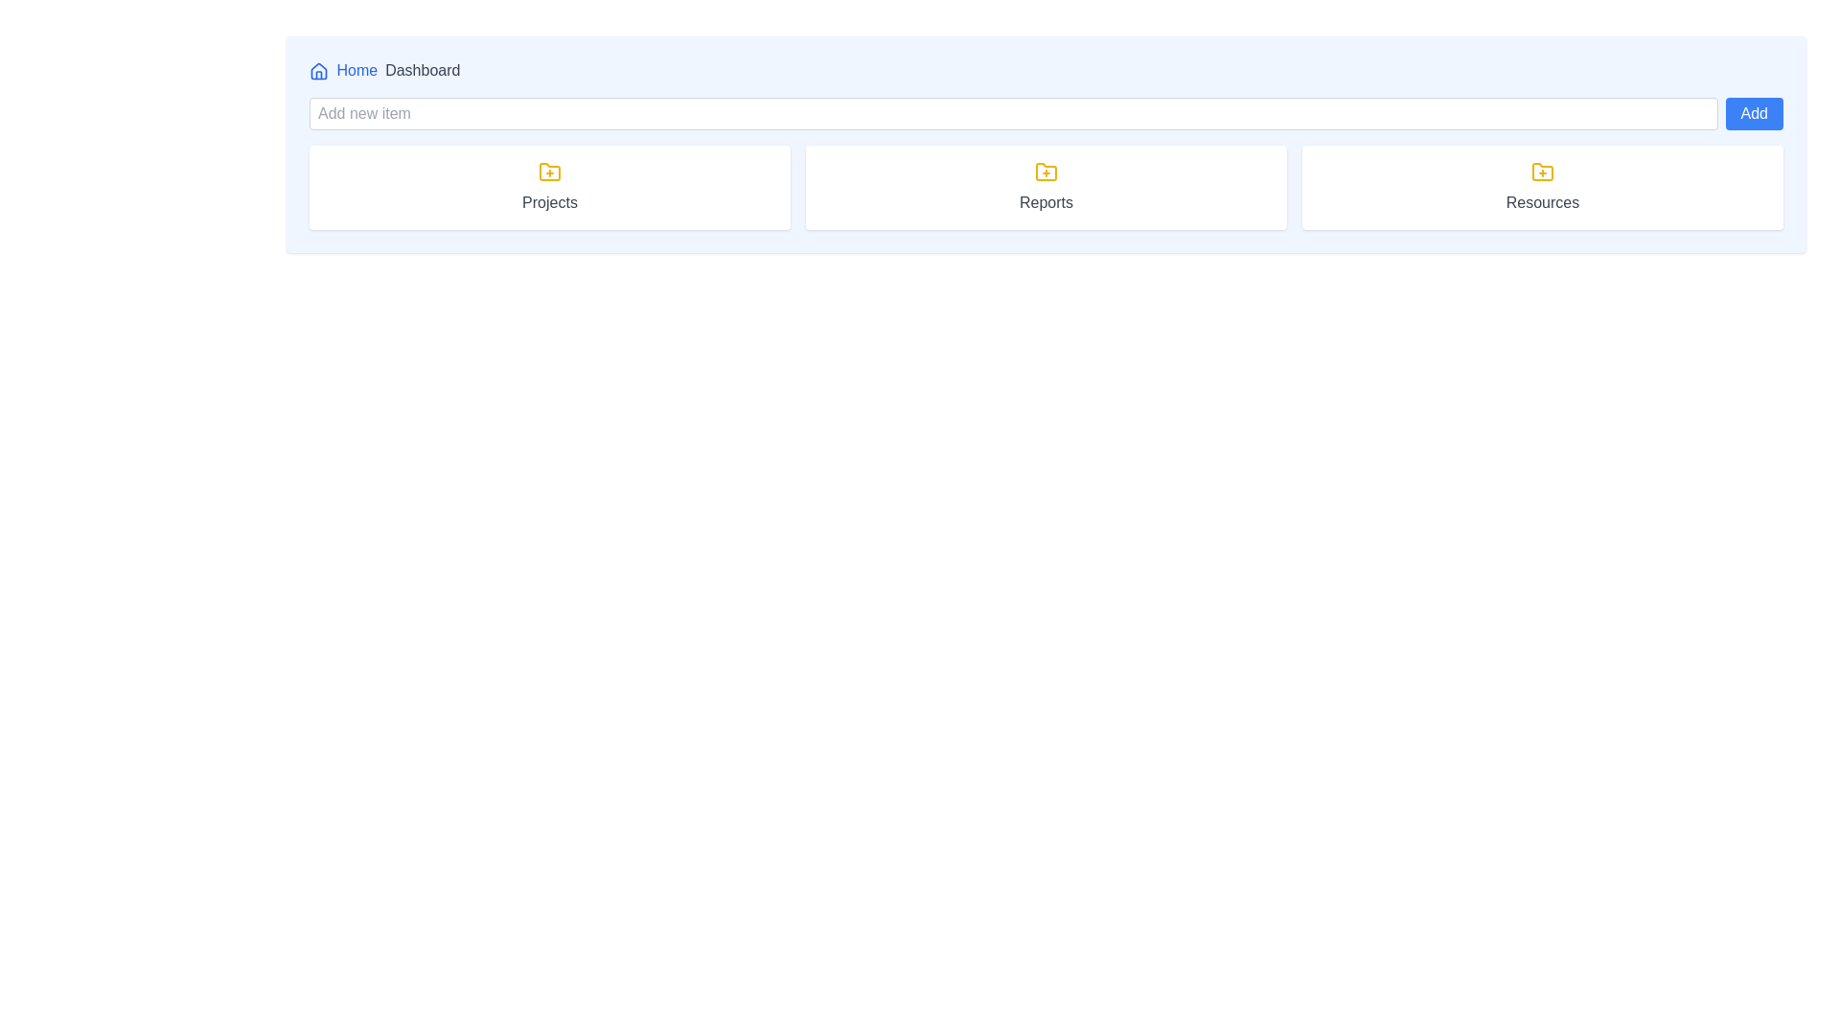  I want to click on the static breadcrumb item that indicates the current location within the navigation hierarchy, positioned to the right of the 'Home' link, so click(422, 69).